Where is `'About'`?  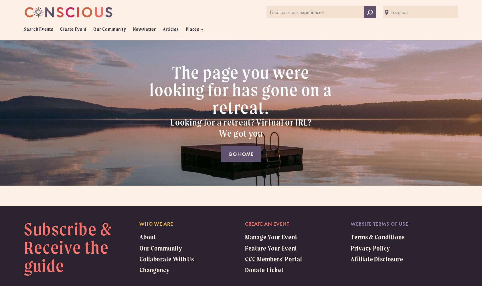
'About' is located at coordinates (147, 237).